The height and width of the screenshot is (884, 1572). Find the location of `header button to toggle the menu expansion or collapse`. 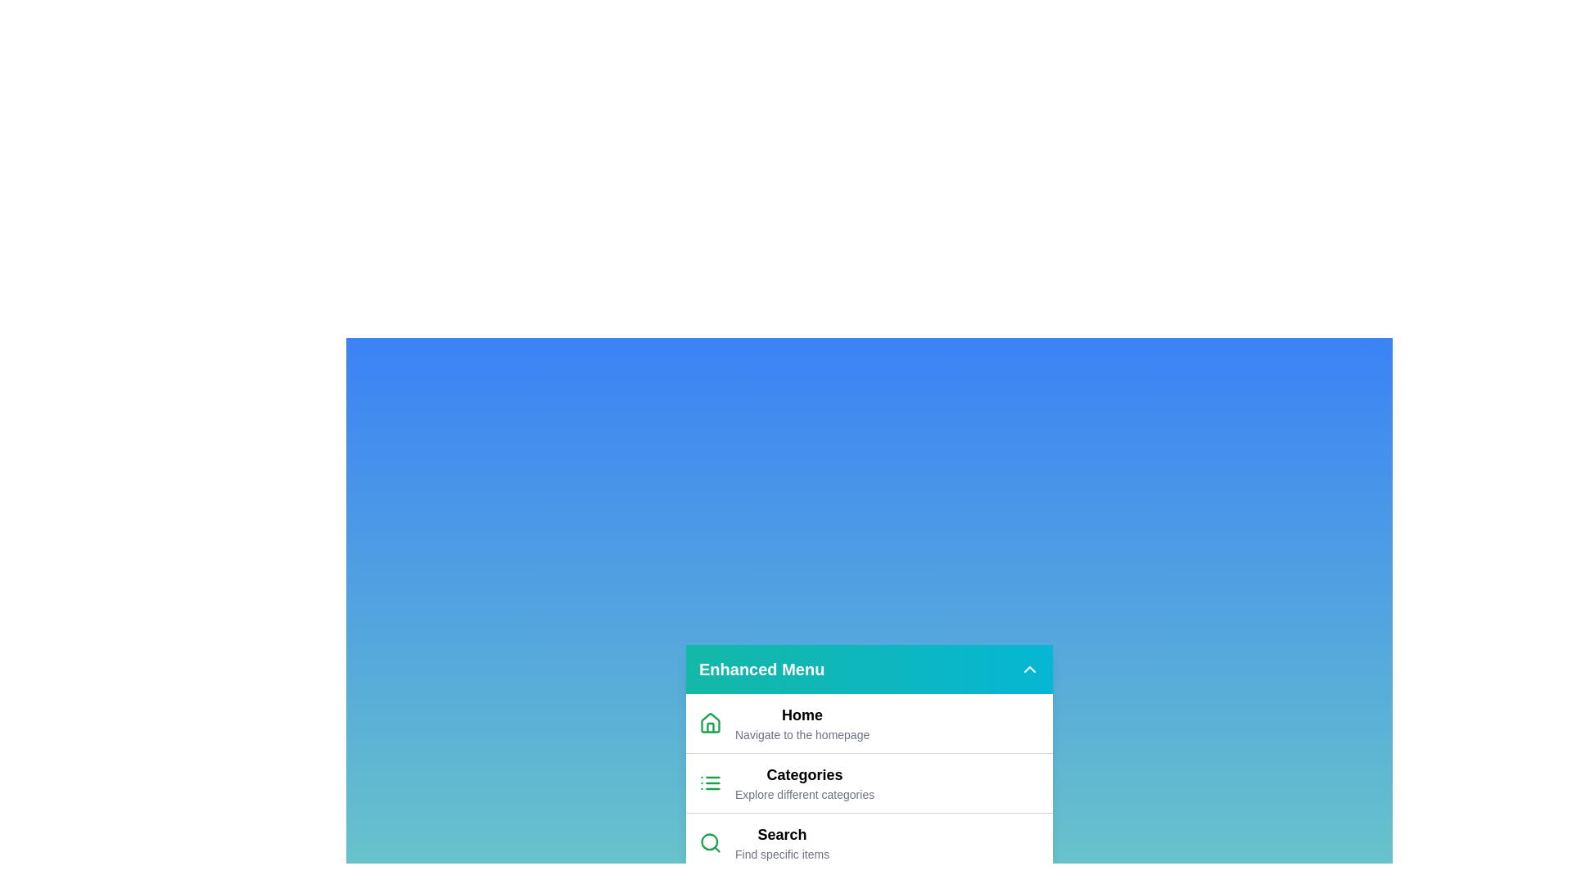

header button to toggle the menu expansion or collapse is located at coordinates (1028, 669).